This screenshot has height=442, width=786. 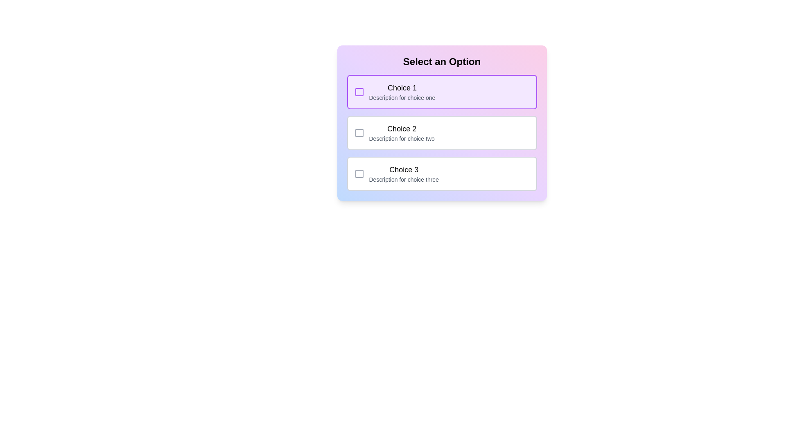 What do you see at coordinates (402, 138) in the screenshot?
I see `the text label stating 'Description for choice two', which is positioned below the bold label 'Choice 2' and to the right of its corresponding checkbox` at bounding box center [402, 138].